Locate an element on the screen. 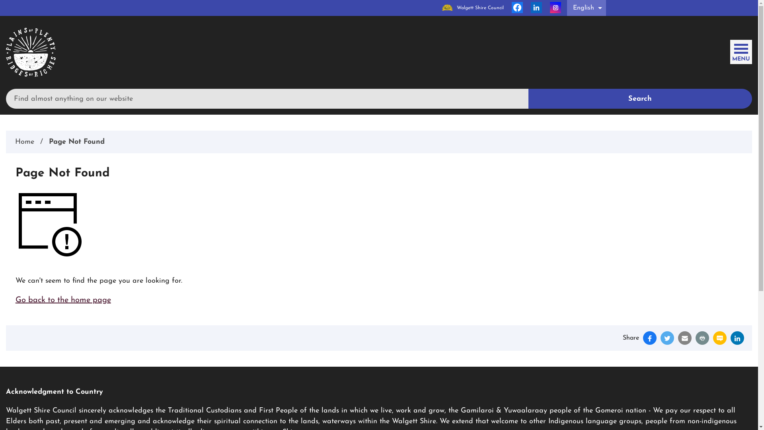  'Go back to the home page' is located at coordinates (62, 300).